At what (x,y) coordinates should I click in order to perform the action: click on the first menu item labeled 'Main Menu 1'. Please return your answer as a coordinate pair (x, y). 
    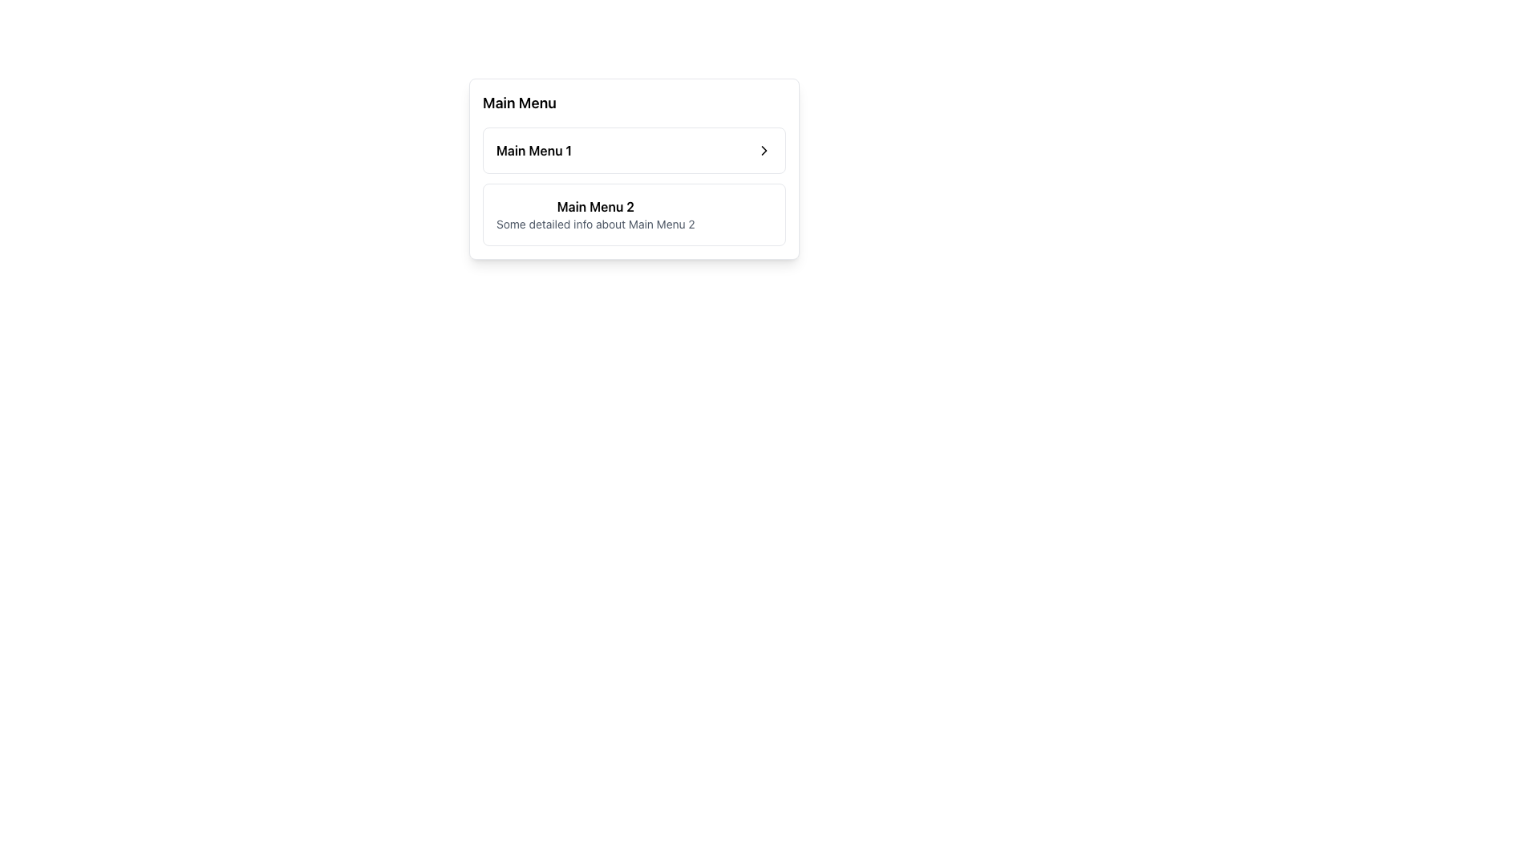
    Looking at the image, I should click on (634, 151).